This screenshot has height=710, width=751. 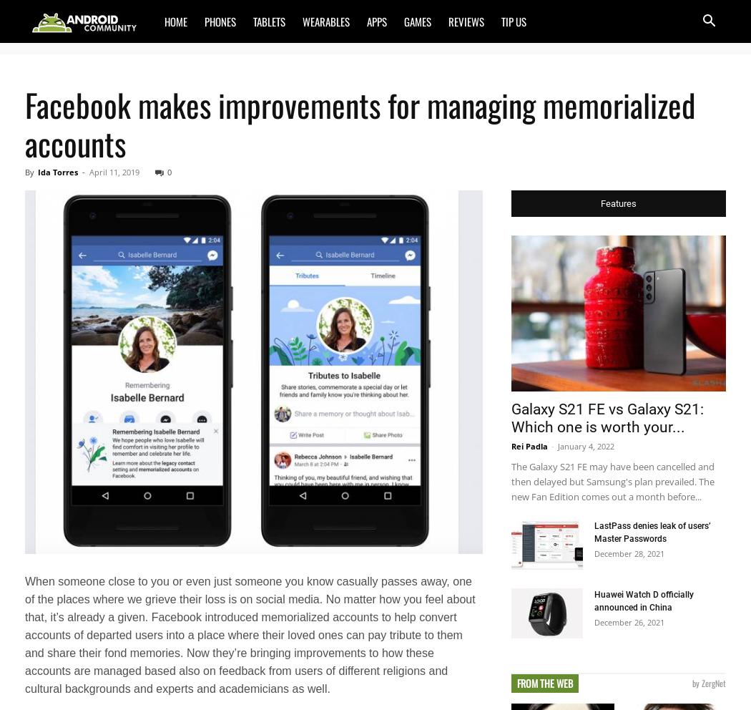 I want to click on 'Galaxy S21 FE vs Galaxy S21: Which one is worth your...', so click(x=607, y=417).